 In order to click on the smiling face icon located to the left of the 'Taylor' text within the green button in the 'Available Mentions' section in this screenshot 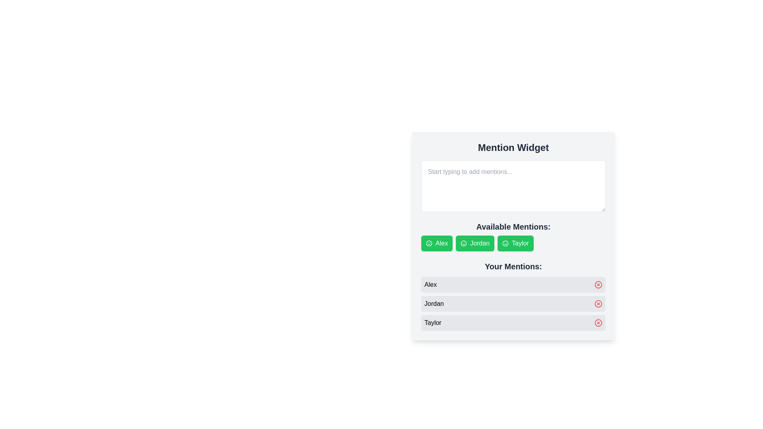, I will do `click(505, 243)`.